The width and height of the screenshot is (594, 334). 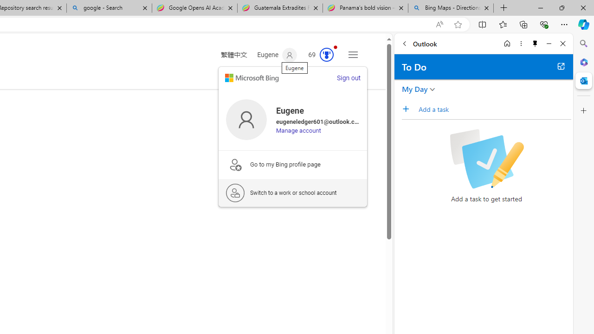 What do you see at coordinates (292, 164) in the screenshot?
I see `'Go to my Bing profile page'` at bounding box center [292, 164].